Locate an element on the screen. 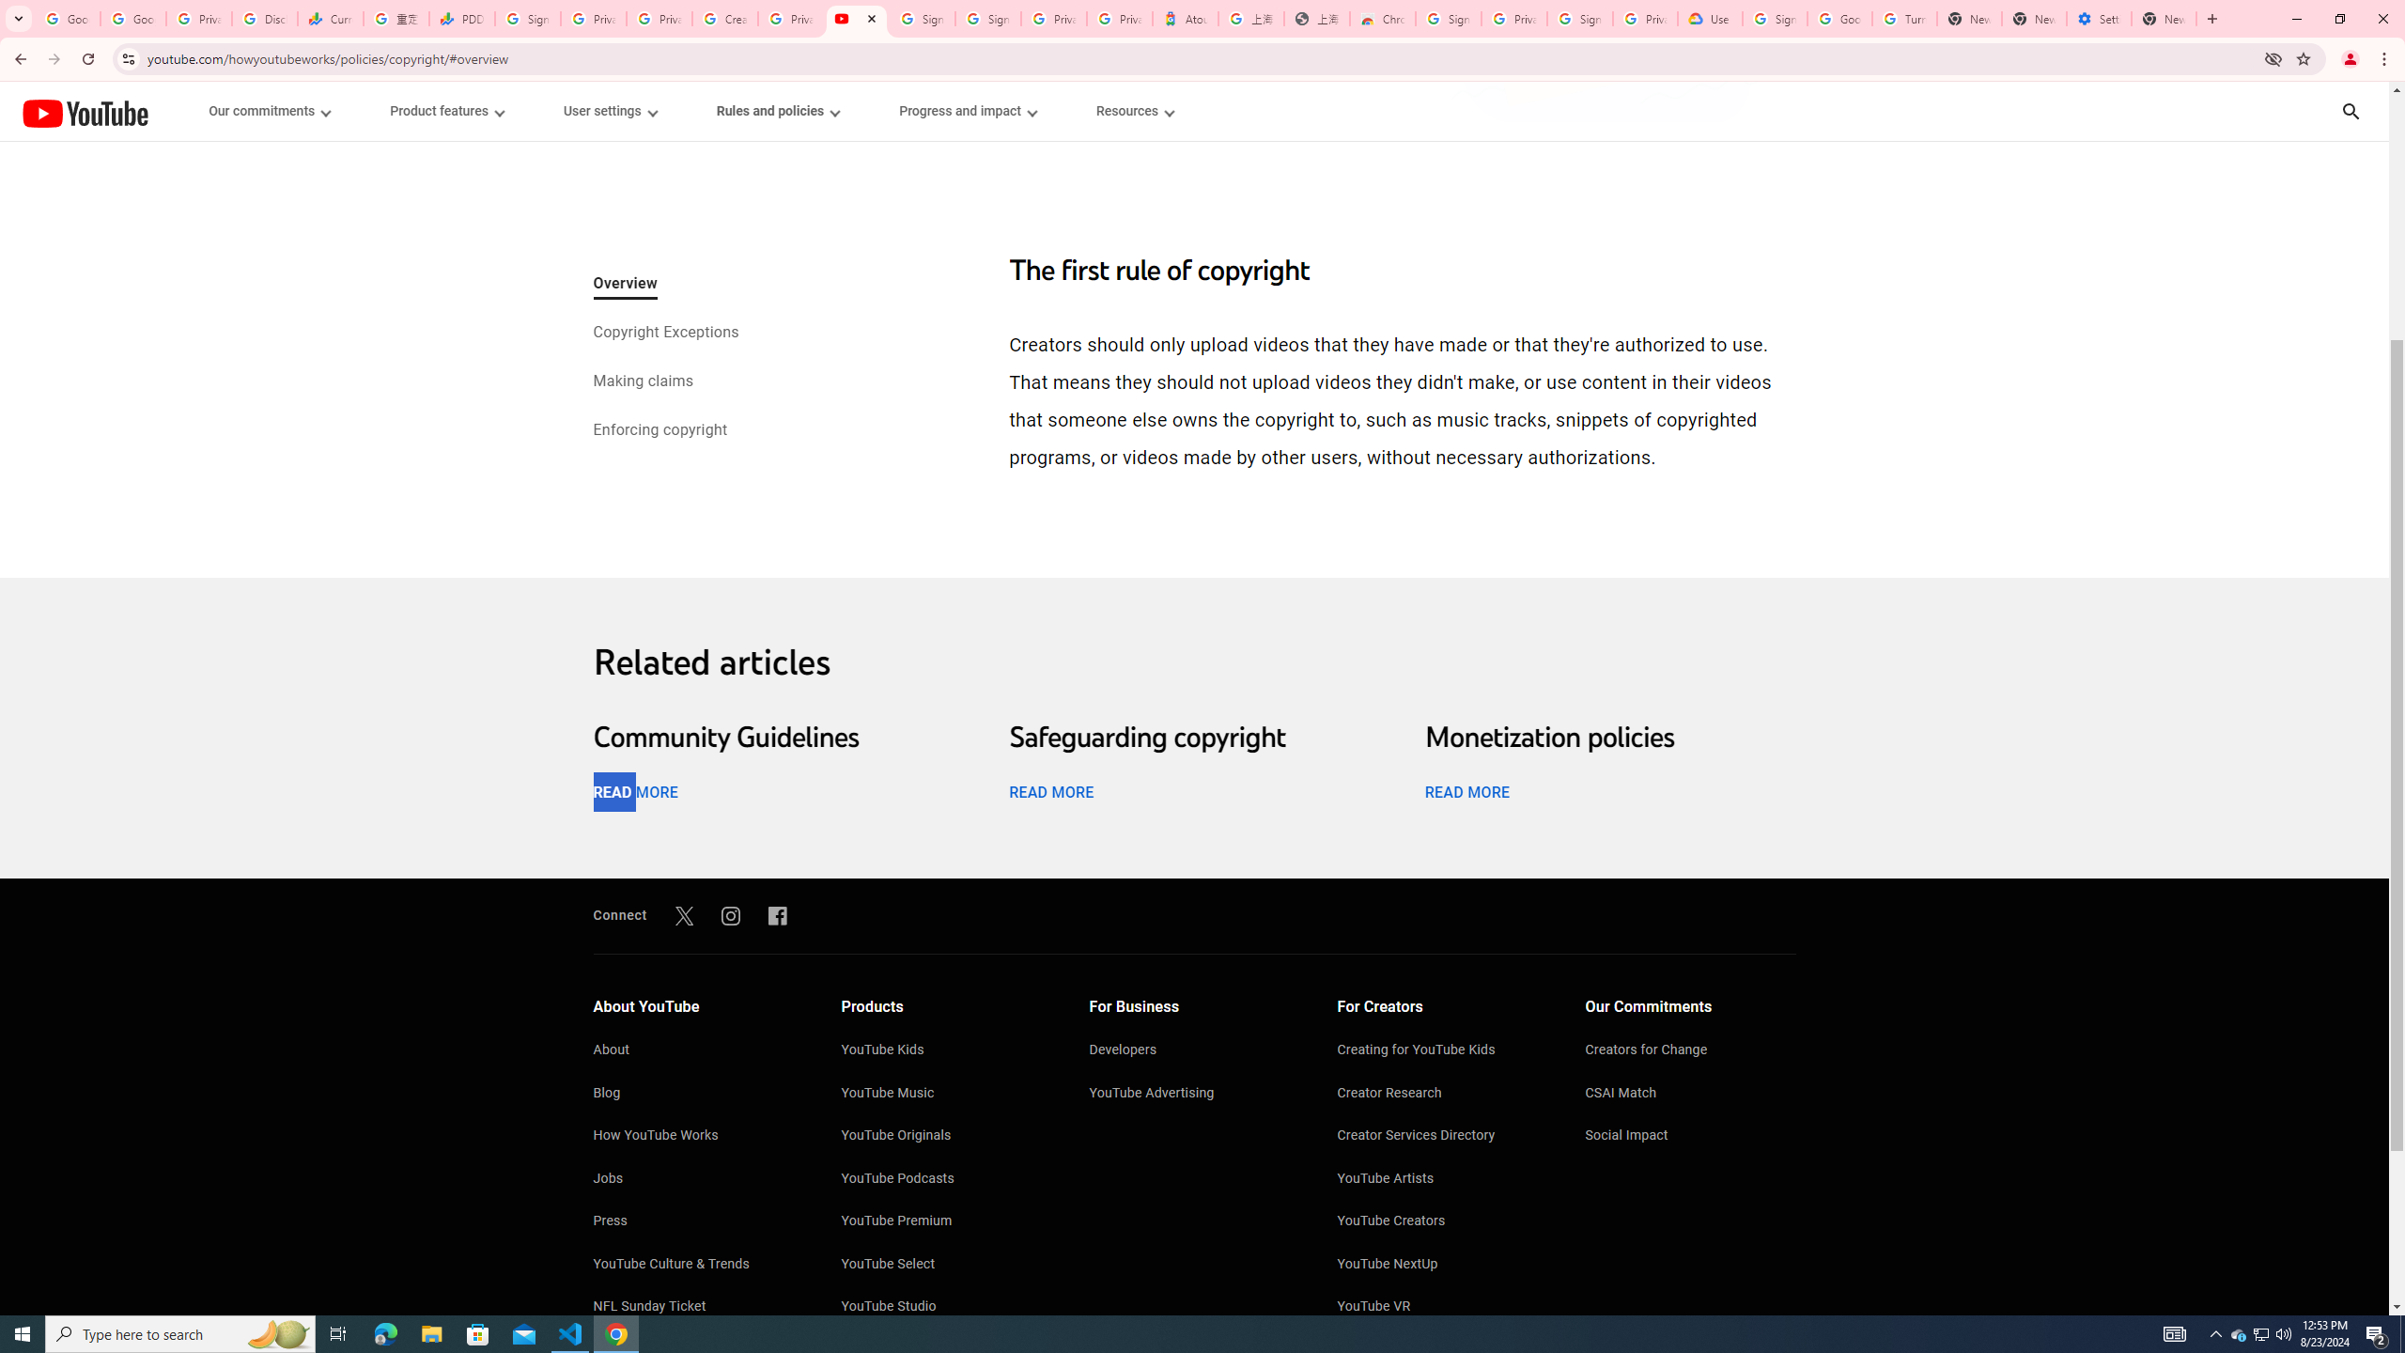 This screenshot has height=1353, width=2405. 'YouTube Copyright Rules & Policies - How YouTube Works' is located at coordinates (855, 18).